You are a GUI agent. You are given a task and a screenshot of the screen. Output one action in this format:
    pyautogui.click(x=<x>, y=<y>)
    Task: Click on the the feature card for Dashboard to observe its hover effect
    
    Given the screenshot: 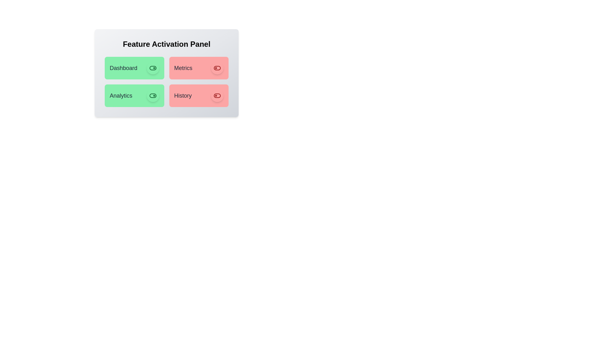 What is the action you would take?
    pyautogui.click(x=134, y=68)
    